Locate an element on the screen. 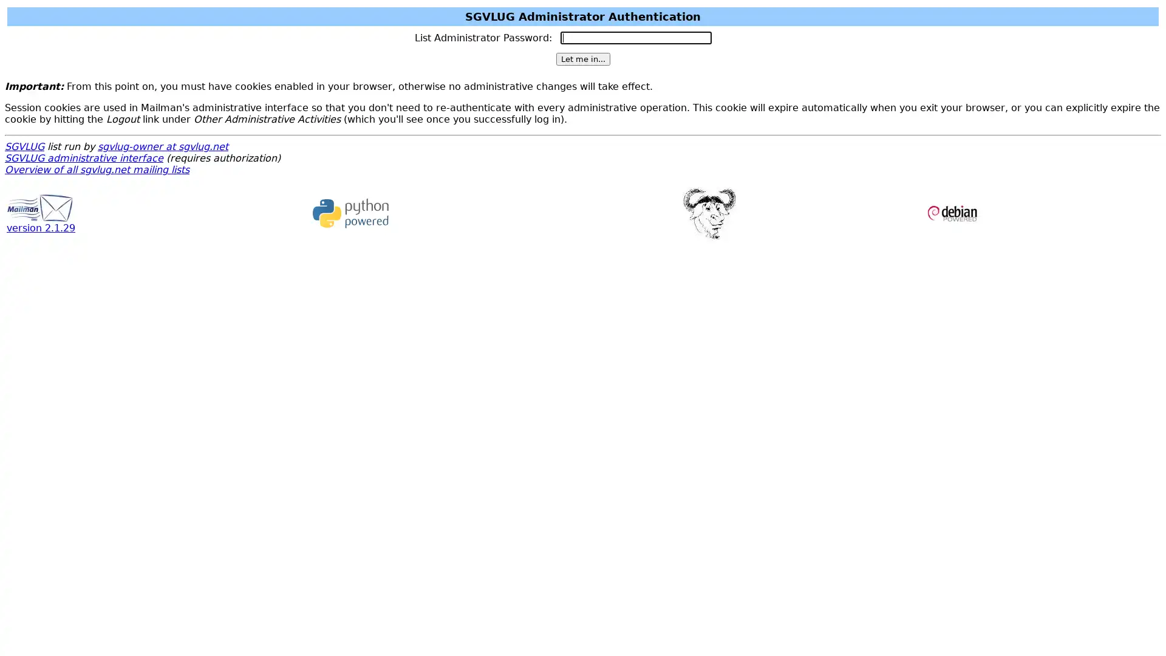  Let me in... is located at coordinates (582, 59).